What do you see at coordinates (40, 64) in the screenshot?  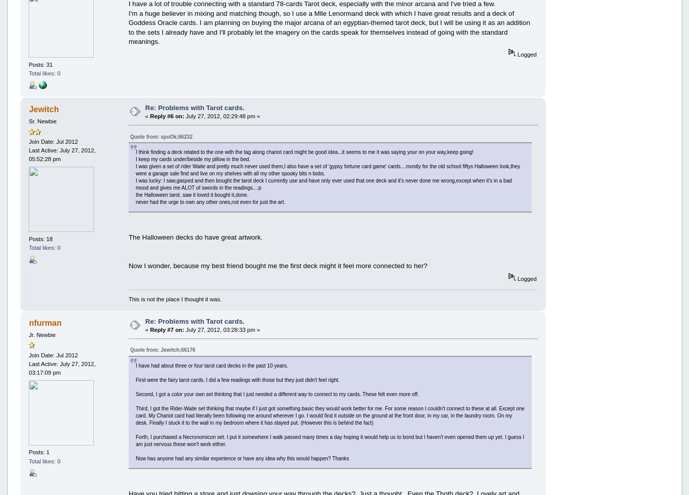 I see `'Posts: 31'` at bounding box center [40, 64].